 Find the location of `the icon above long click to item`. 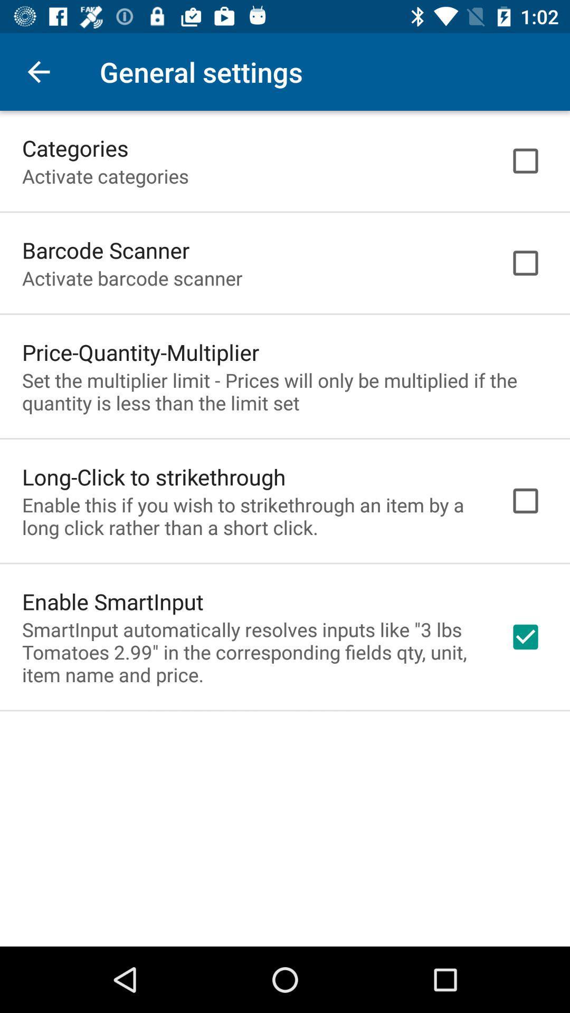

the icon above long click to item is located at coordinates (285, 391).